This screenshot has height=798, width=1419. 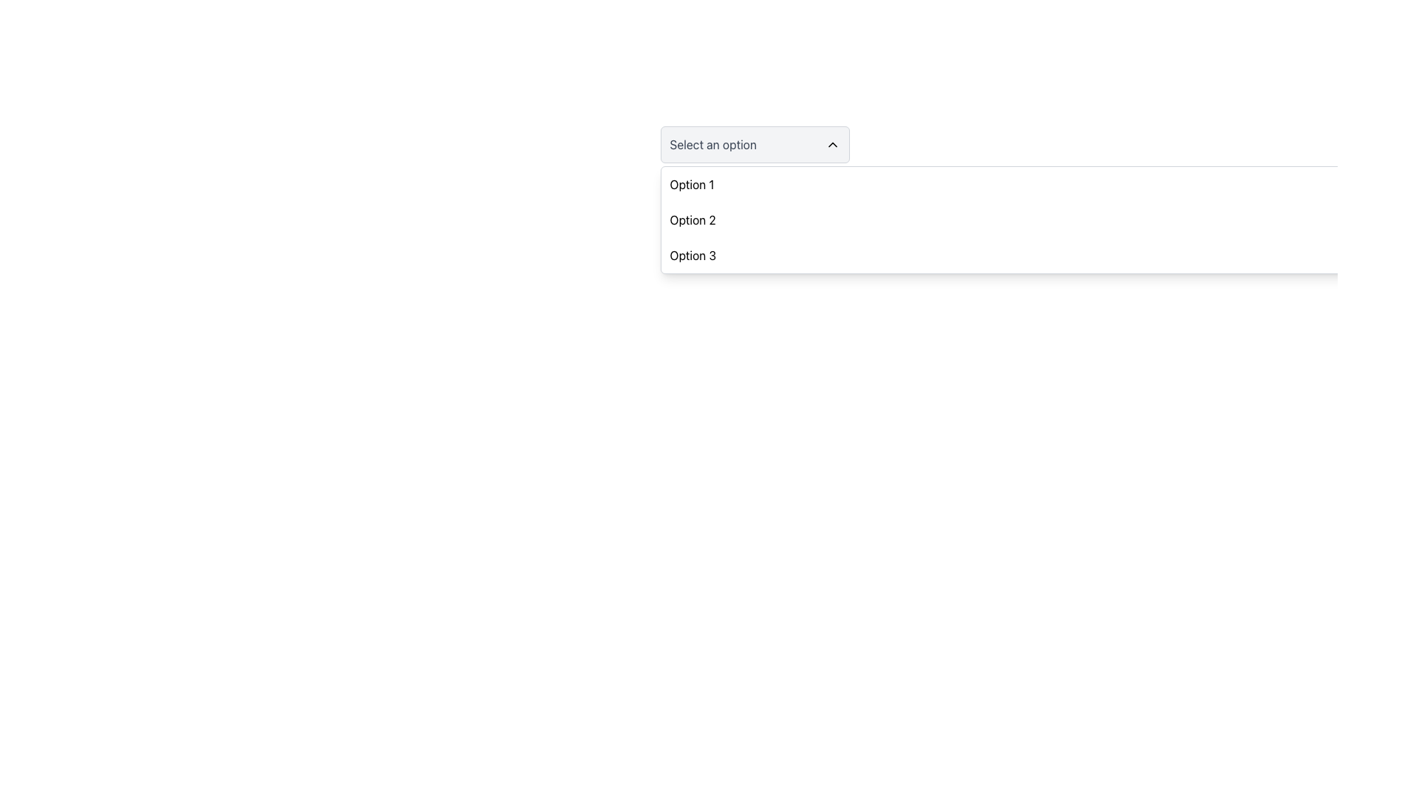 What do you see at coordinates (755, 145) in the screenshot?
I see `the Dropdown header or title that indicates the current selection or displays 'Select an option' as a placeholder` at bounding box center [755, 145].